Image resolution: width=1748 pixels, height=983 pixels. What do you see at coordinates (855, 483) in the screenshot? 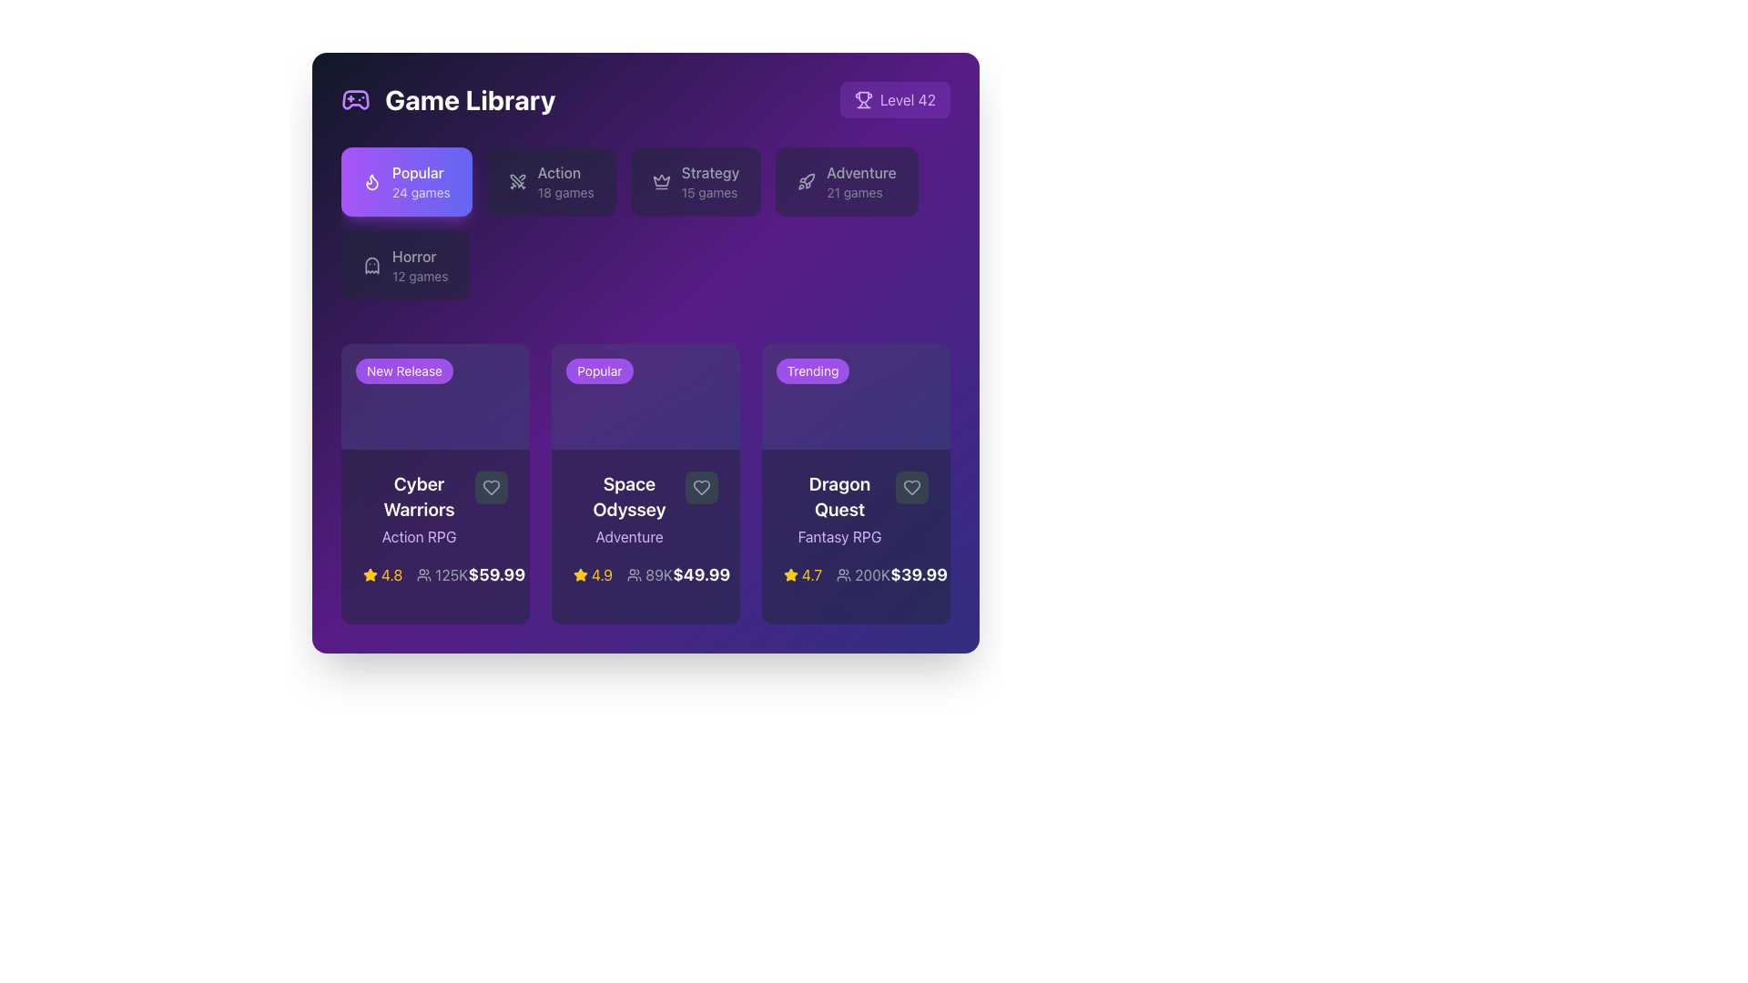
I see `the clickable card component representing a game listing, which is the rightmost card in the grid layout` at bounding box center [855, 483].